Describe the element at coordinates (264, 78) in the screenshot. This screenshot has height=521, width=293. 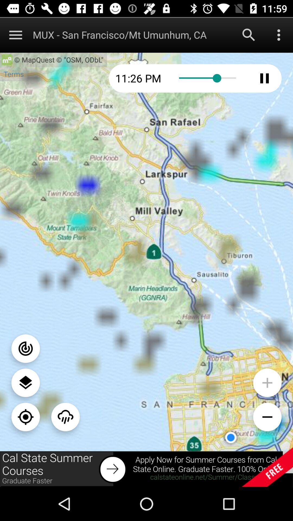
I see `playing option` at that location.